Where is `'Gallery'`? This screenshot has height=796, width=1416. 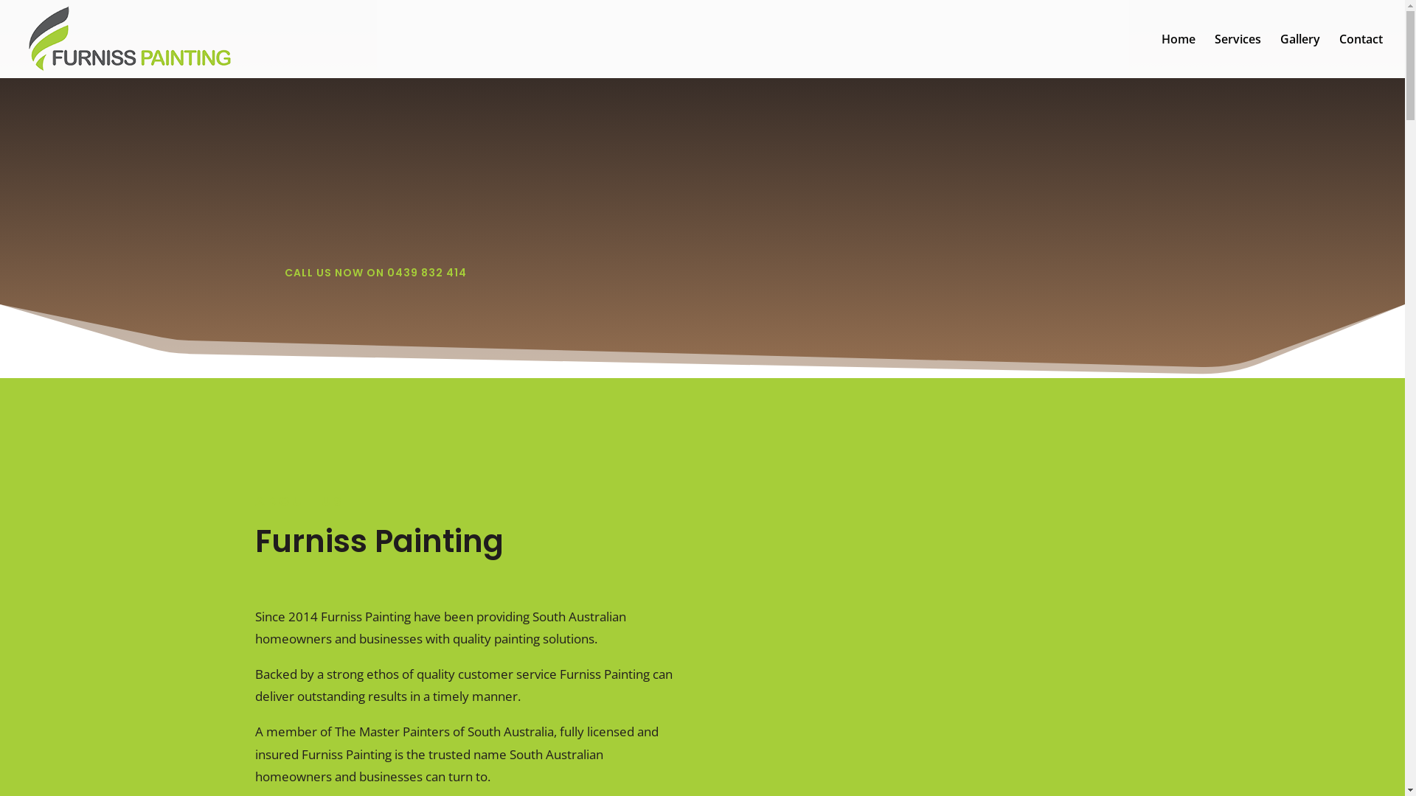 'Gallery' is located at coordinates (1299, 55).